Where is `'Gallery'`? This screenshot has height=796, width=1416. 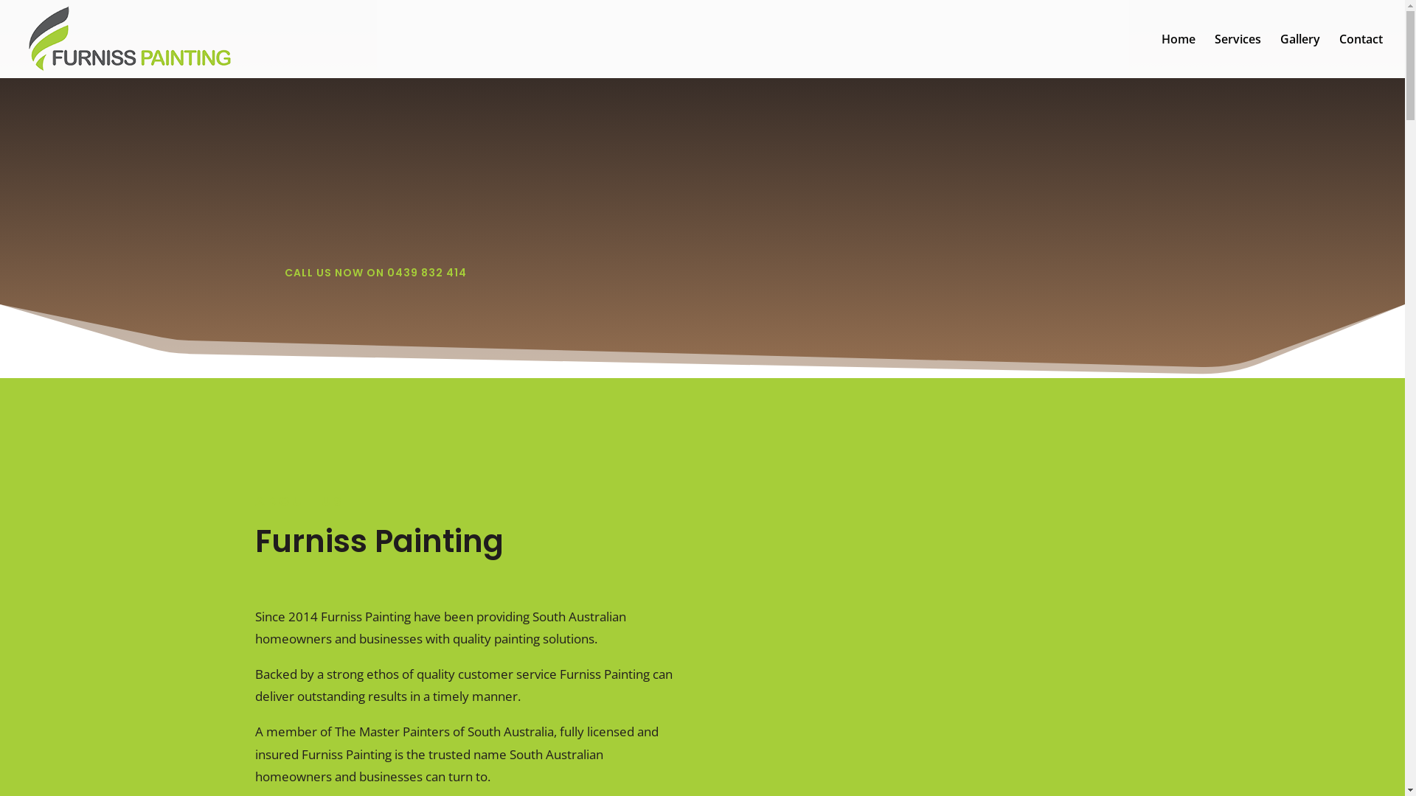 'Gallery' is located at coordinates (1299, 55).